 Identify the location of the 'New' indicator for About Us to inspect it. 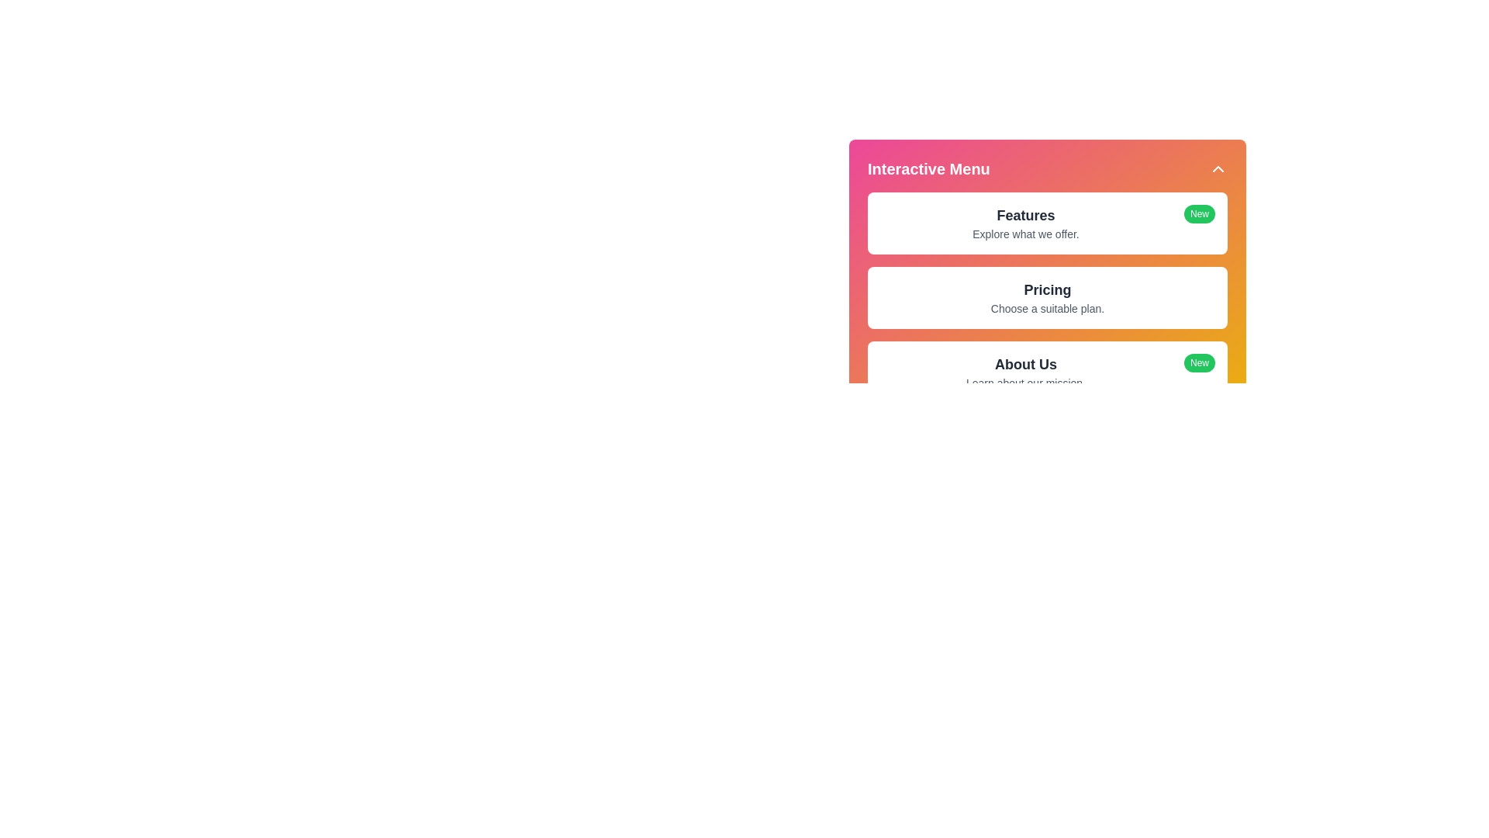
(1198, 362).